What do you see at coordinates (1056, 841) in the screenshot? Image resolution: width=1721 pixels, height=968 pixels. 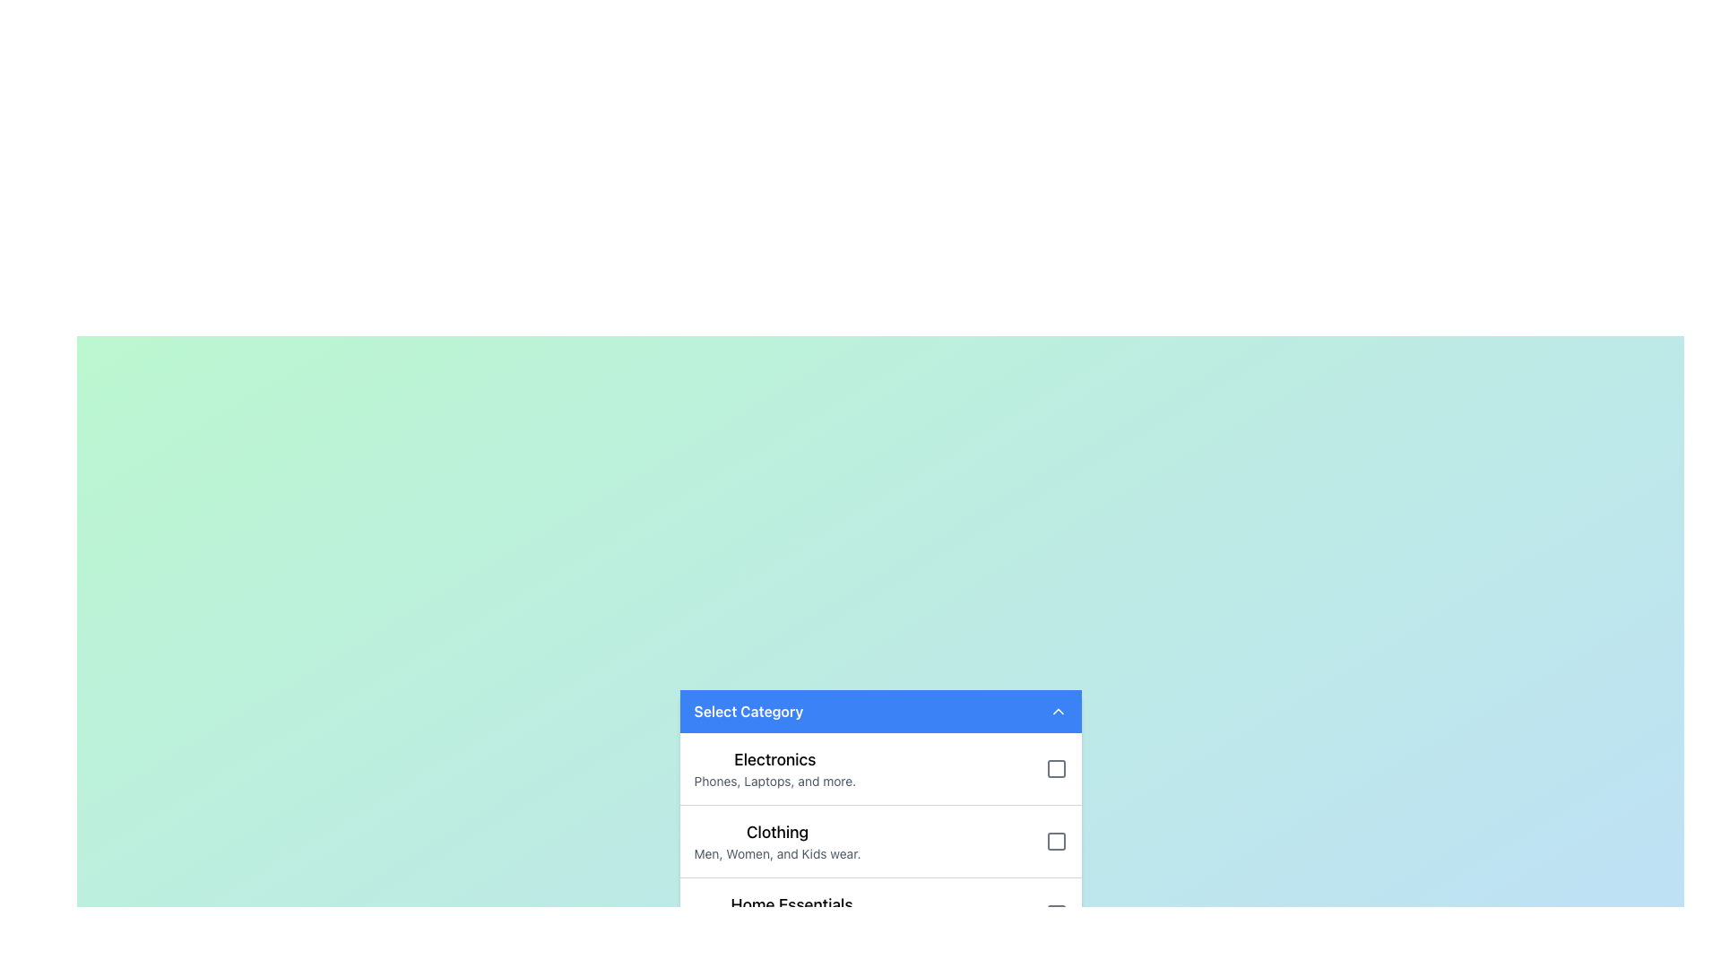 I see `the checkbox or icon located to the right of the text 'Clothing'` at bounding box center [1056, 841].